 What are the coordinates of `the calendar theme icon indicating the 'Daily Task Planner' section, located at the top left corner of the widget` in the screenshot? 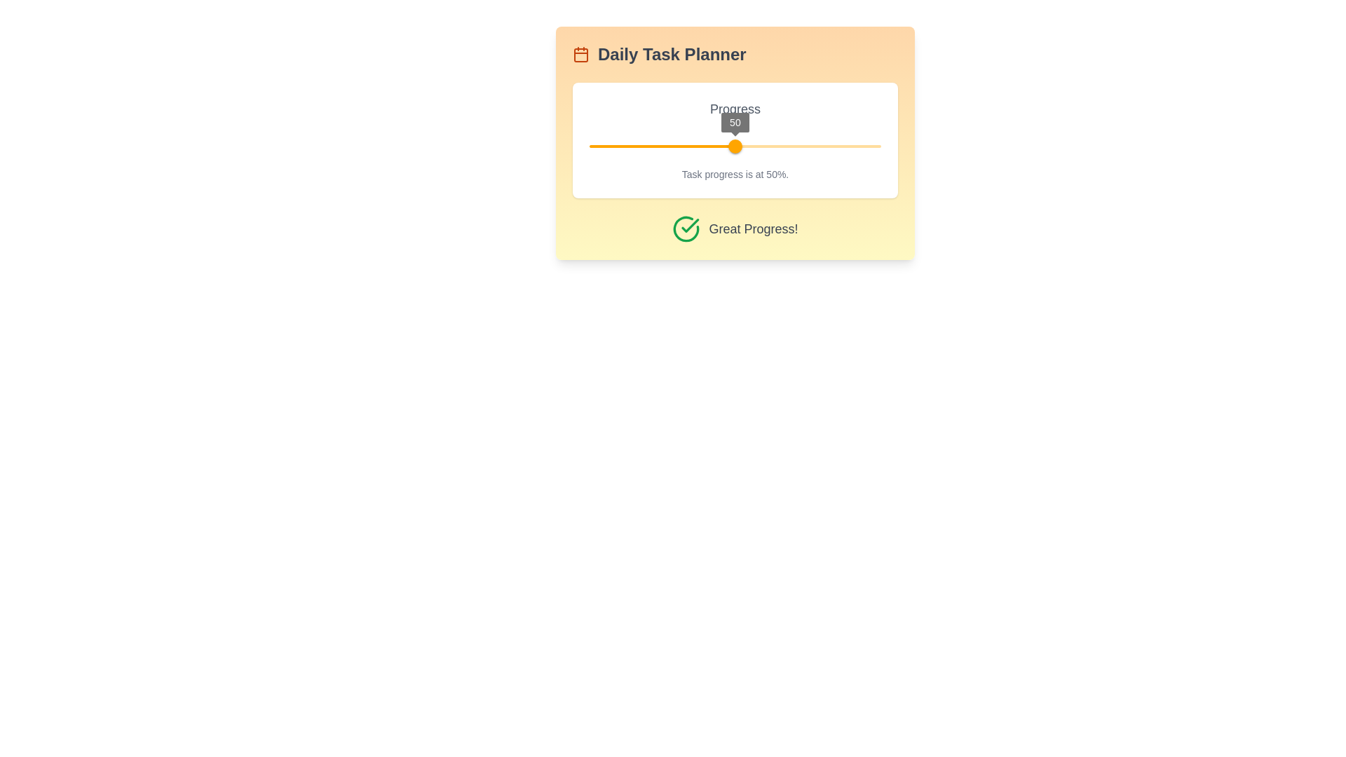 It's located at (581, 53).